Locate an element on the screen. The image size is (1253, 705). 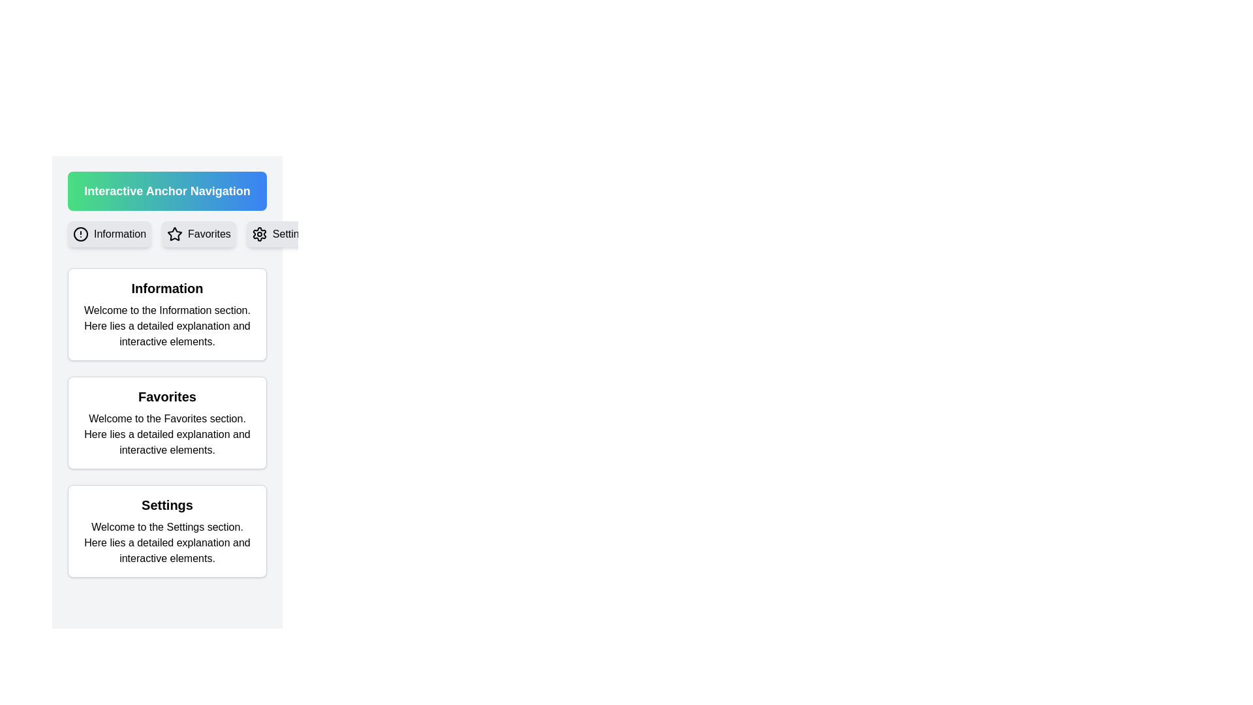
the gear-shaped icon in the top central part of the navigation bar is located at coordinates (259, 233).